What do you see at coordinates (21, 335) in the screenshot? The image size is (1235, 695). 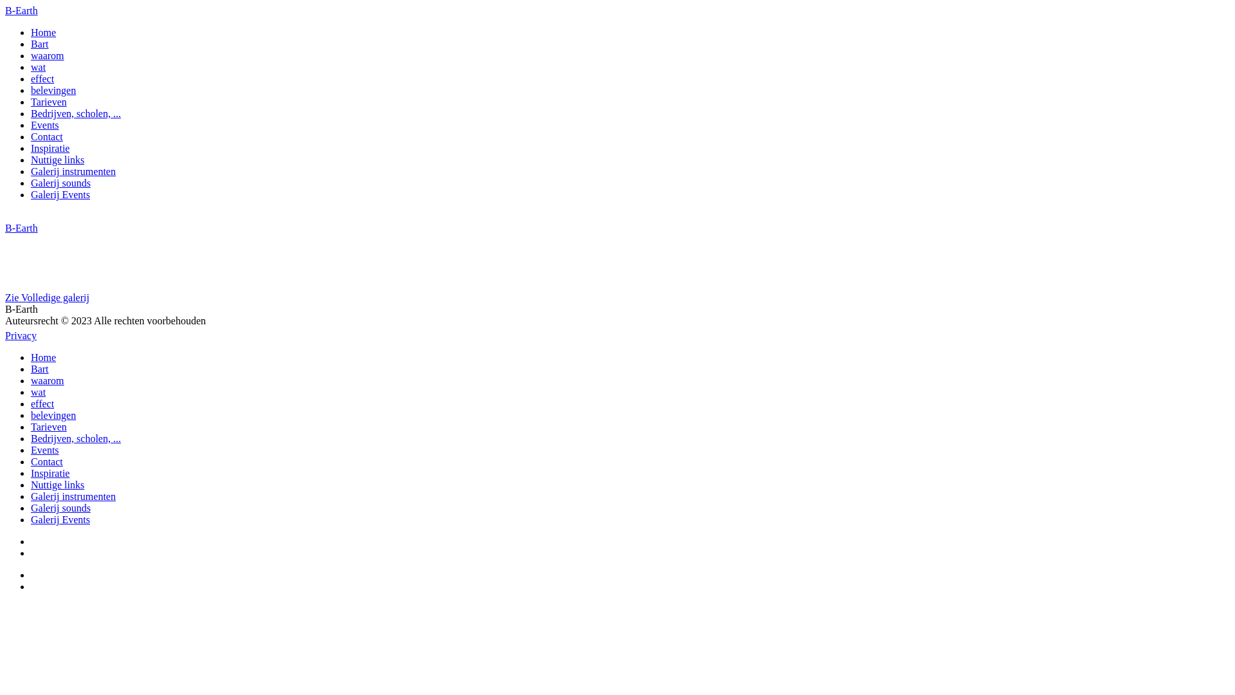 I see `'Privacy'` at bounding box center [21, 335].